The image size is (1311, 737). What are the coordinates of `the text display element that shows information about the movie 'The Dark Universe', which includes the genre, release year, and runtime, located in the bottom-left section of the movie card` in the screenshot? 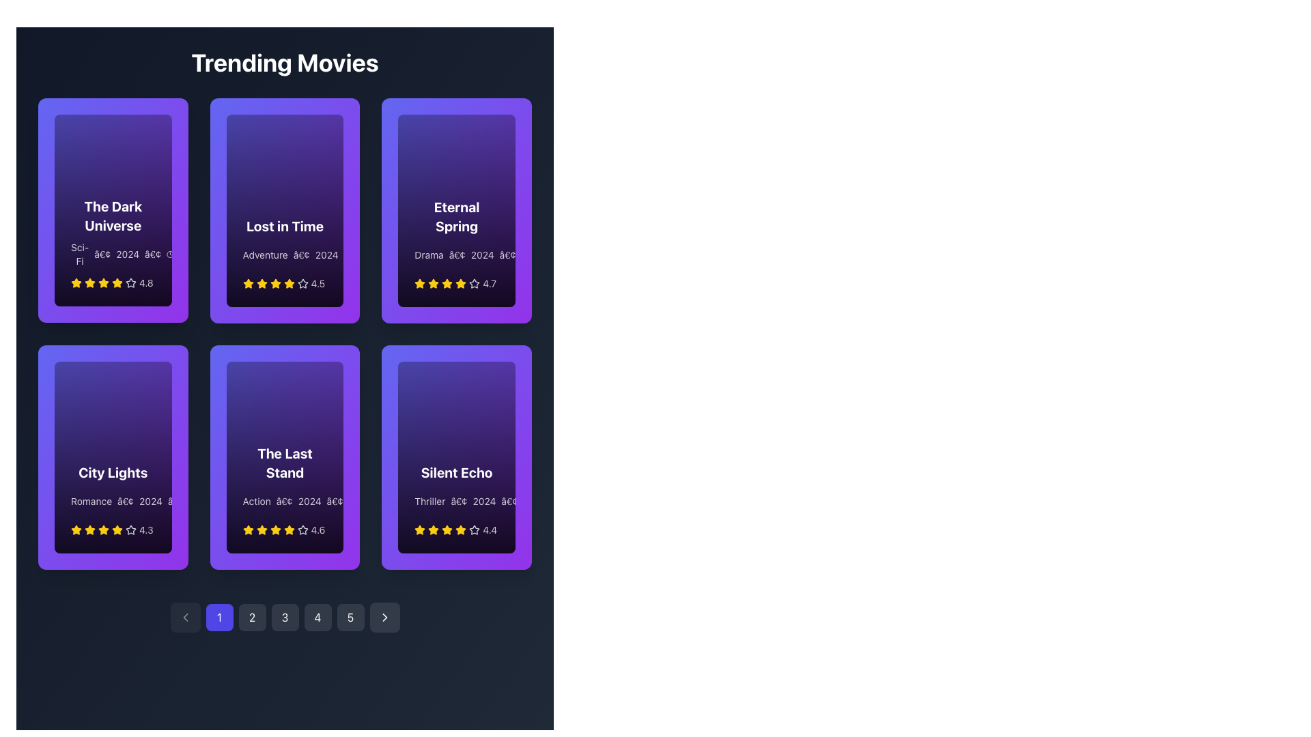 It's located at (113, 255).